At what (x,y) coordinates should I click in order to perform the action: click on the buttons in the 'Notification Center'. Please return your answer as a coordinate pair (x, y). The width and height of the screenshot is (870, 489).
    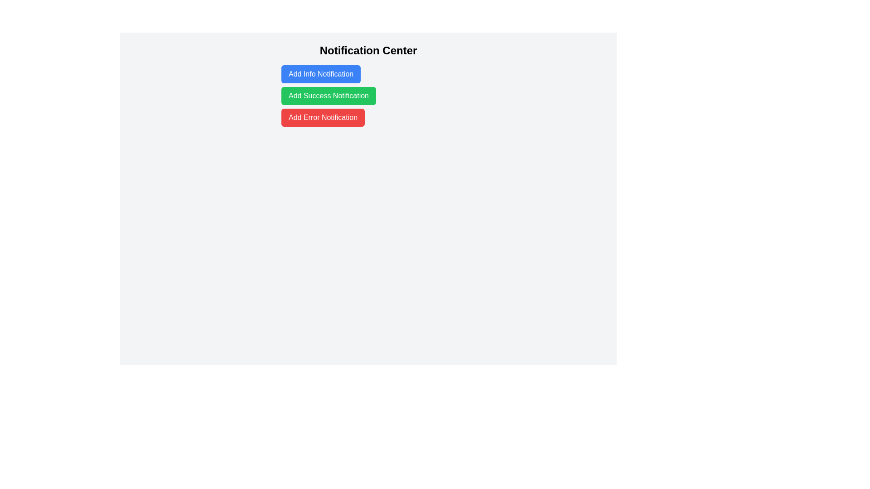
    Looking at the image, I should click on (368, 85).